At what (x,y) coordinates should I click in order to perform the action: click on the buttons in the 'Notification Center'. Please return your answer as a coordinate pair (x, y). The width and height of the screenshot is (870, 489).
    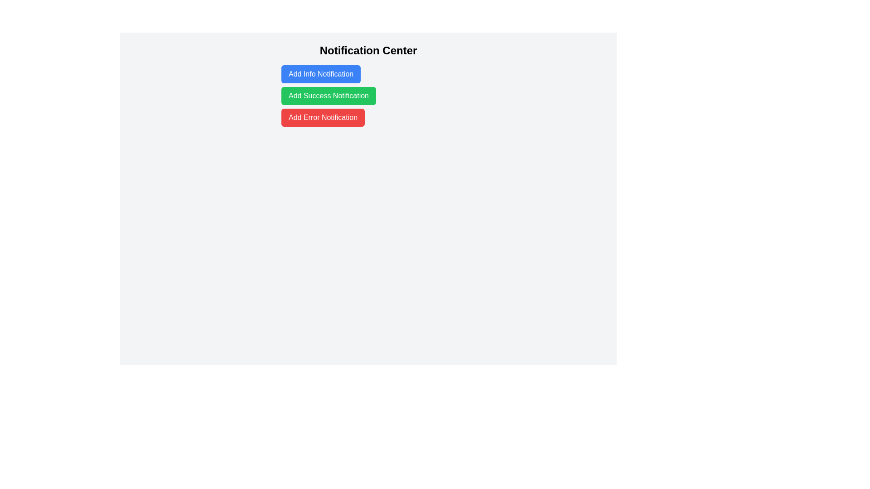
    Looking at the image, I should click on (368, 85).